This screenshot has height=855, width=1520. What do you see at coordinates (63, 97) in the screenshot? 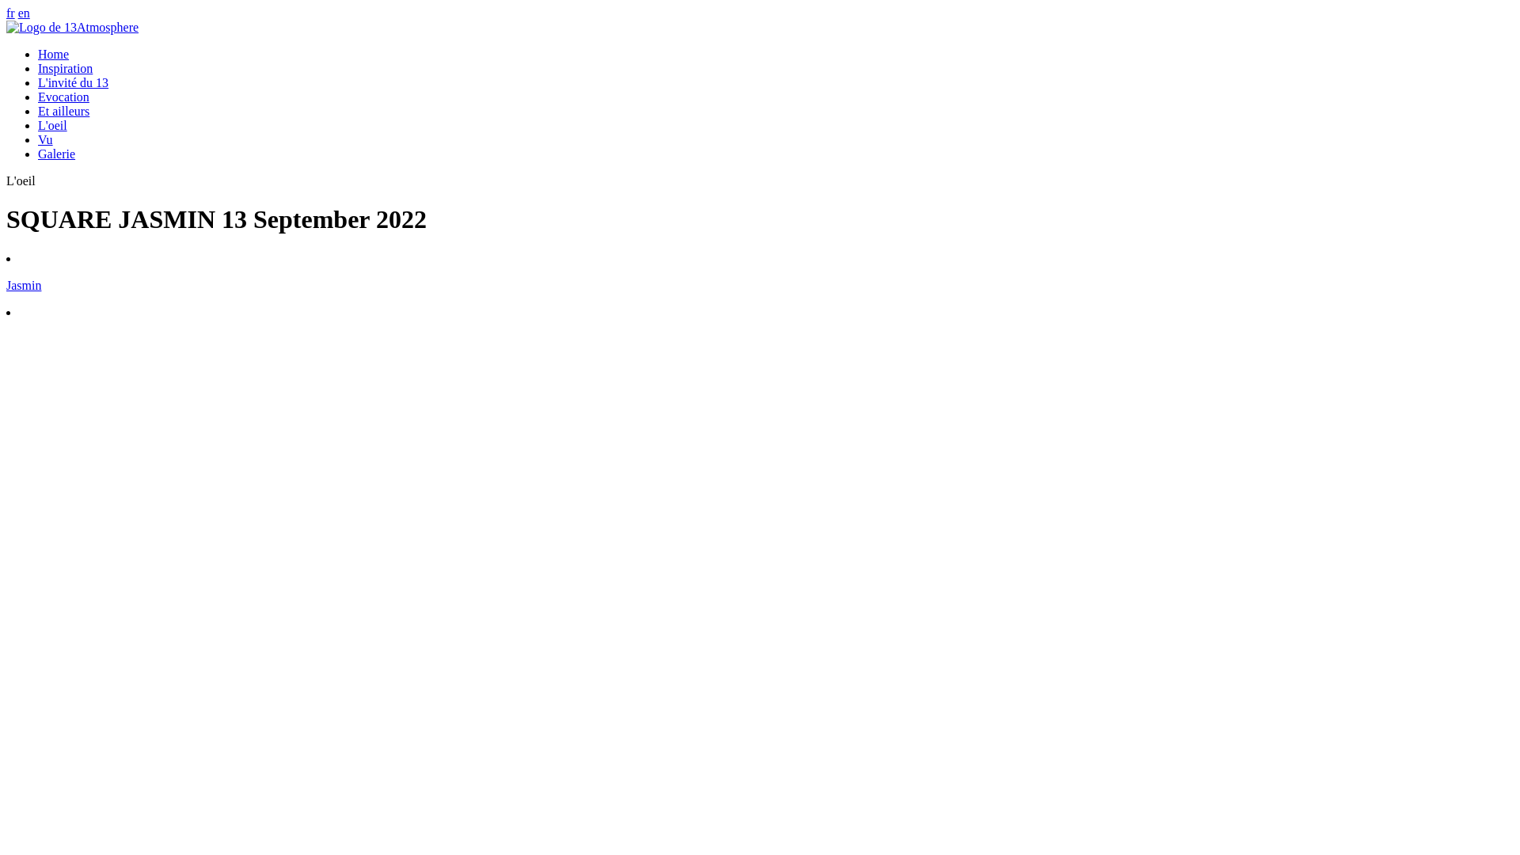
I see `'Evocation'` at bounding box center [63, 97].